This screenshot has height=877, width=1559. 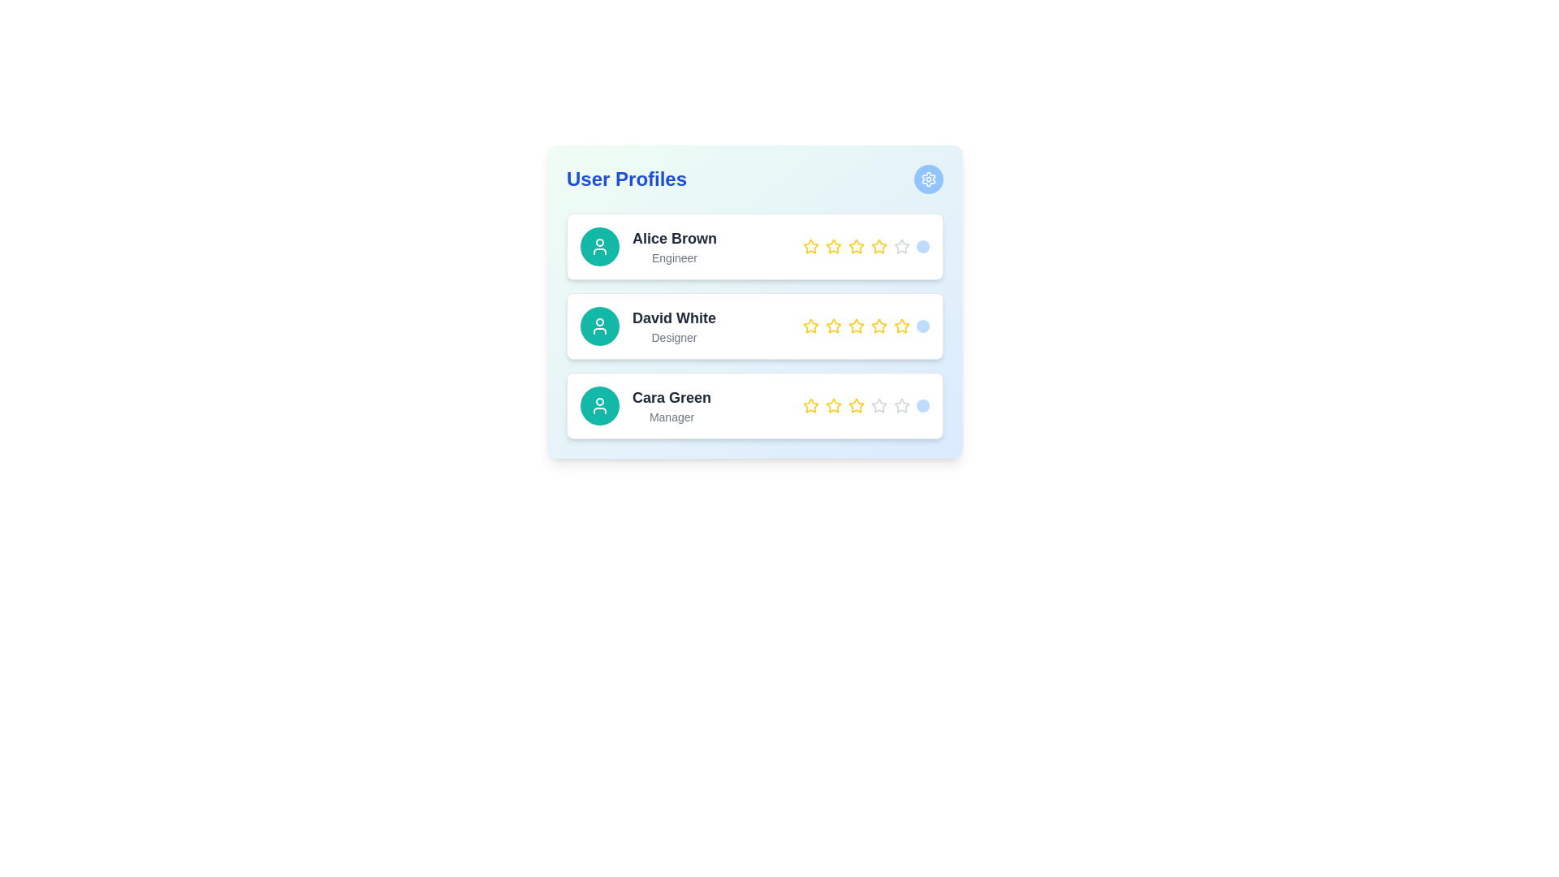 I want to click on the Text Display element showing 'Cara Green - Manager' in the third user profile card, positioned below 'David White - Designer' and above no other card, so click(x=672, y=405).